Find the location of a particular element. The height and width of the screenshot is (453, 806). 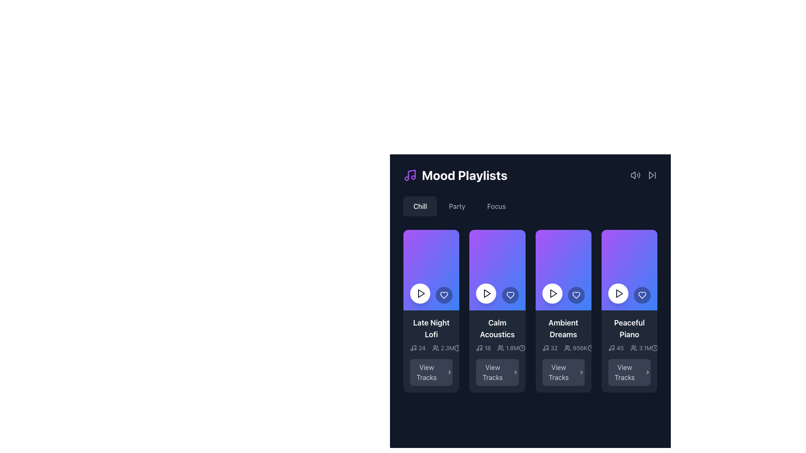

the Label displaying playlist statistics located under the title 'Peaceful Piano' and above the 'View Tracks' button is located at coordinates (629, 348).